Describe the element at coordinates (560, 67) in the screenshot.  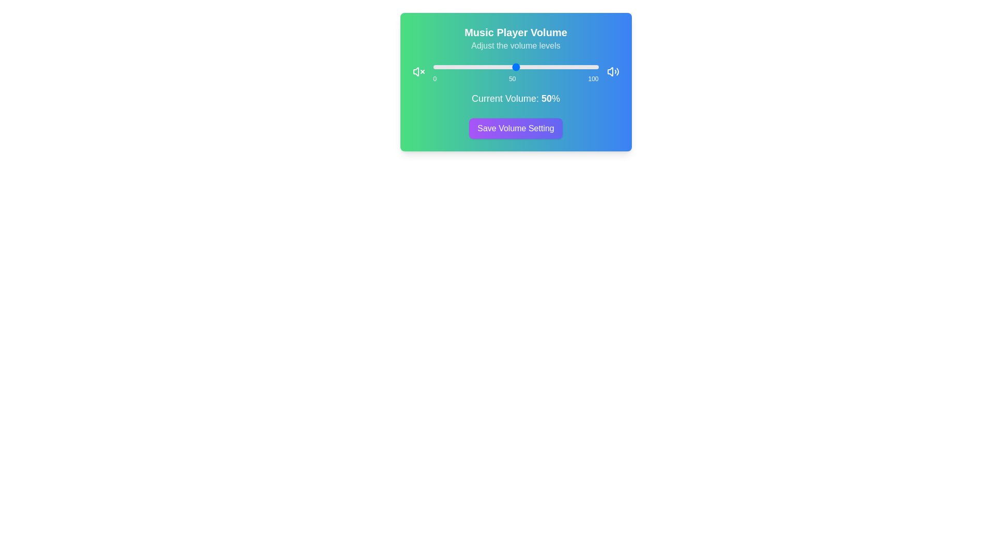
I see `the slider to set the volume to 77%` at that location.